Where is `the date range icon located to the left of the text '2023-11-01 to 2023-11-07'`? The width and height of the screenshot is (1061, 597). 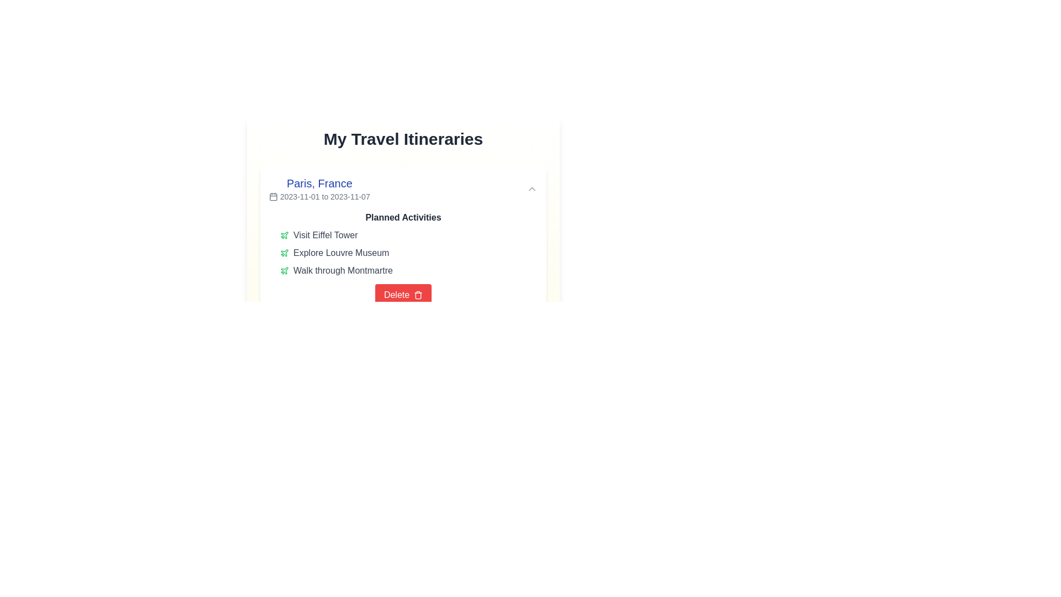
the date range icon located to the left of the text '2023-11-01 to 2023-11-07' is located at coordinates (273, 196).